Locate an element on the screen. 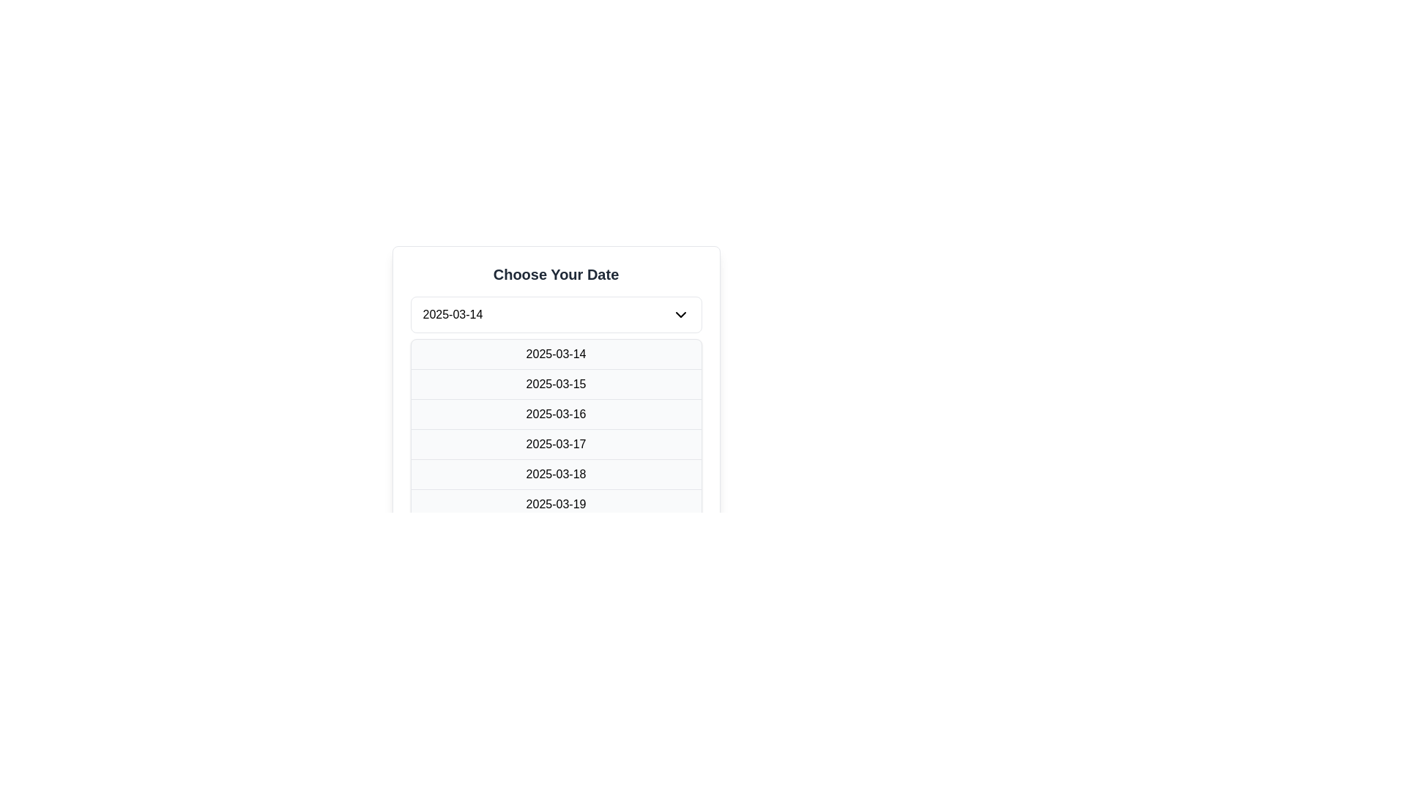 This screenshot has height=791, width=1406. the second date item in the selection list below the 'Choose Your Date' title is located at coordinates (555, 369).